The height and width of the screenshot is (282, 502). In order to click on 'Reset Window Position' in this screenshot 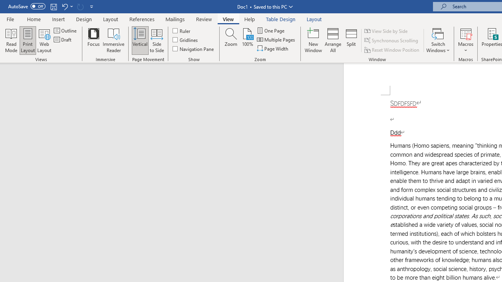, I will do `click(392, 50)`.